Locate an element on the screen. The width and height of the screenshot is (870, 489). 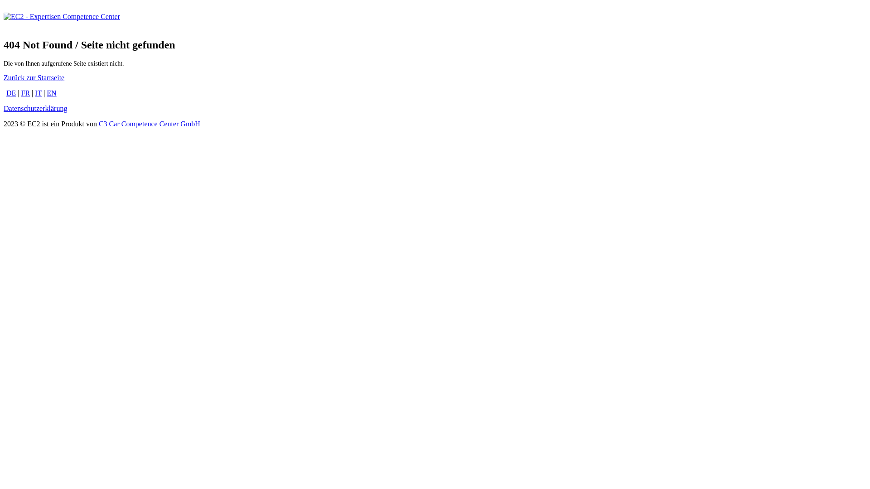
'FR' is located at coordinates (26, 93).